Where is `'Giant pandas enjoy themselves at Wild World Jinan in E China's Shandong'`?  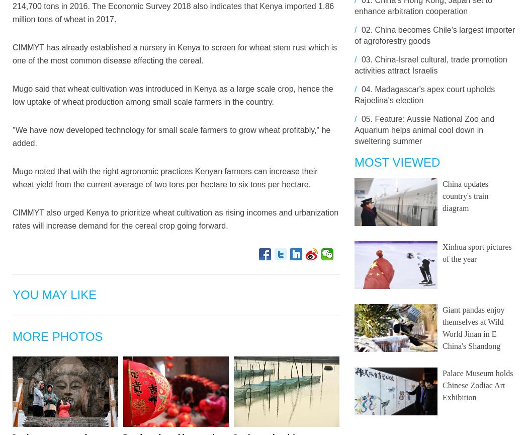 'Giant pandas enjoy themselves at Wild World Jinan in E China's Shandong' is located at coordinates (473, 328).